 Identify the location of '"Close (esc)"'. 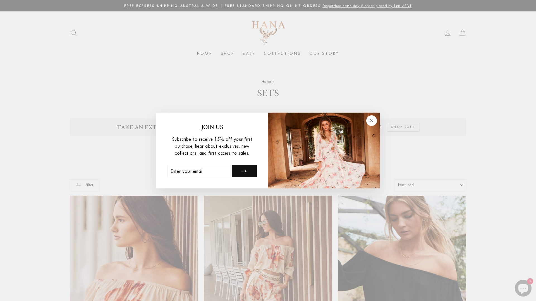
(371, 120).